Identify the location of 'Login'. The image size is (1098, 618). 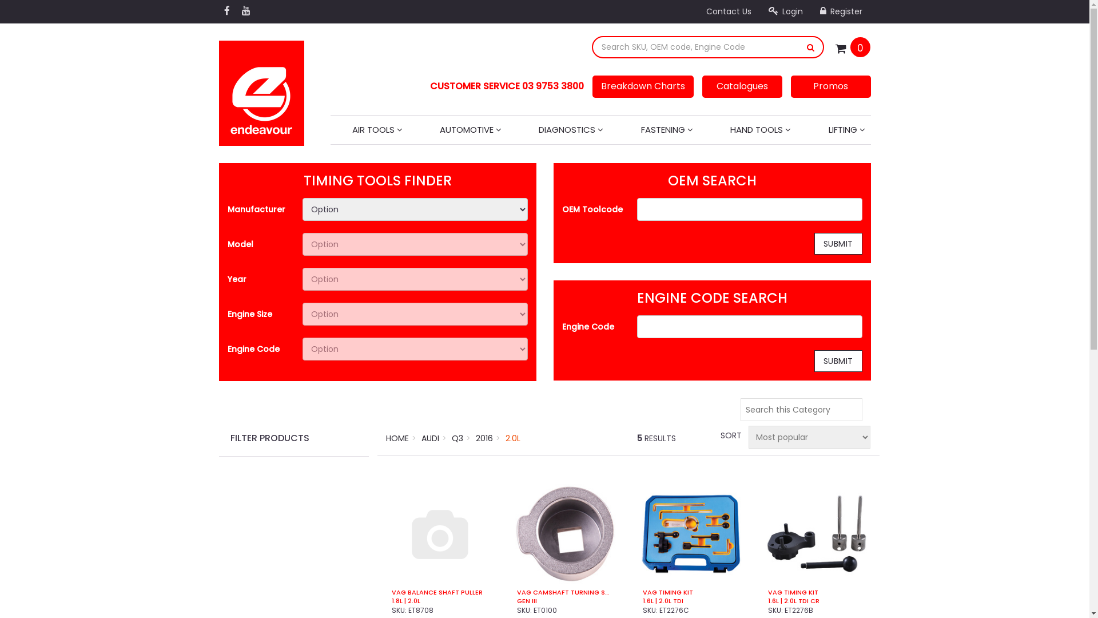
(784, 11).